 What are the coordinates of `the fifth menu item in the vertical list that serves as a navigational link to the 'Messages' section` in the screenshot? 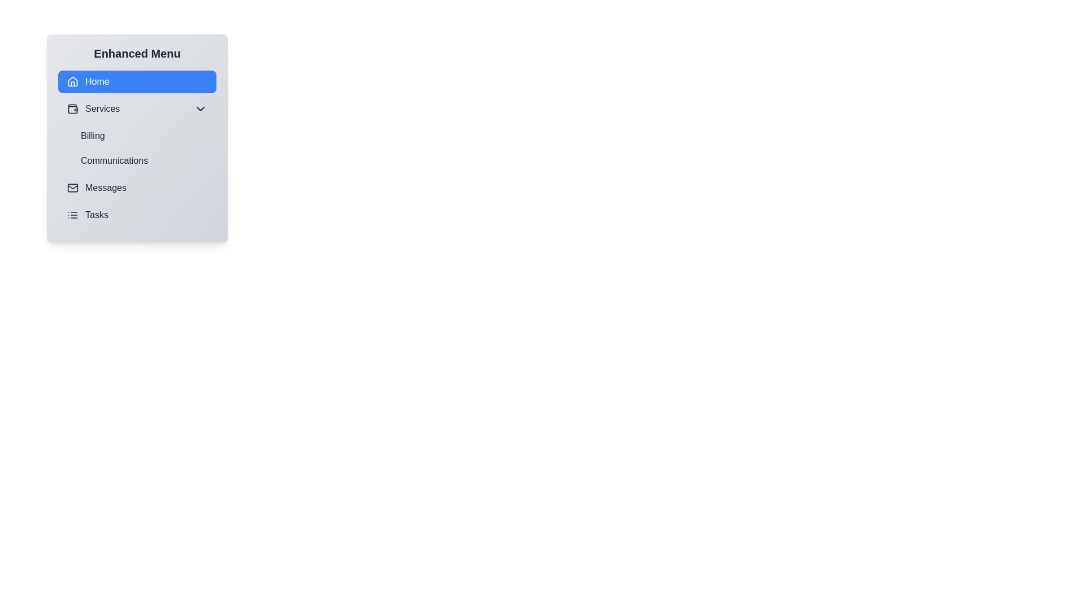 It's located at (137, 187).